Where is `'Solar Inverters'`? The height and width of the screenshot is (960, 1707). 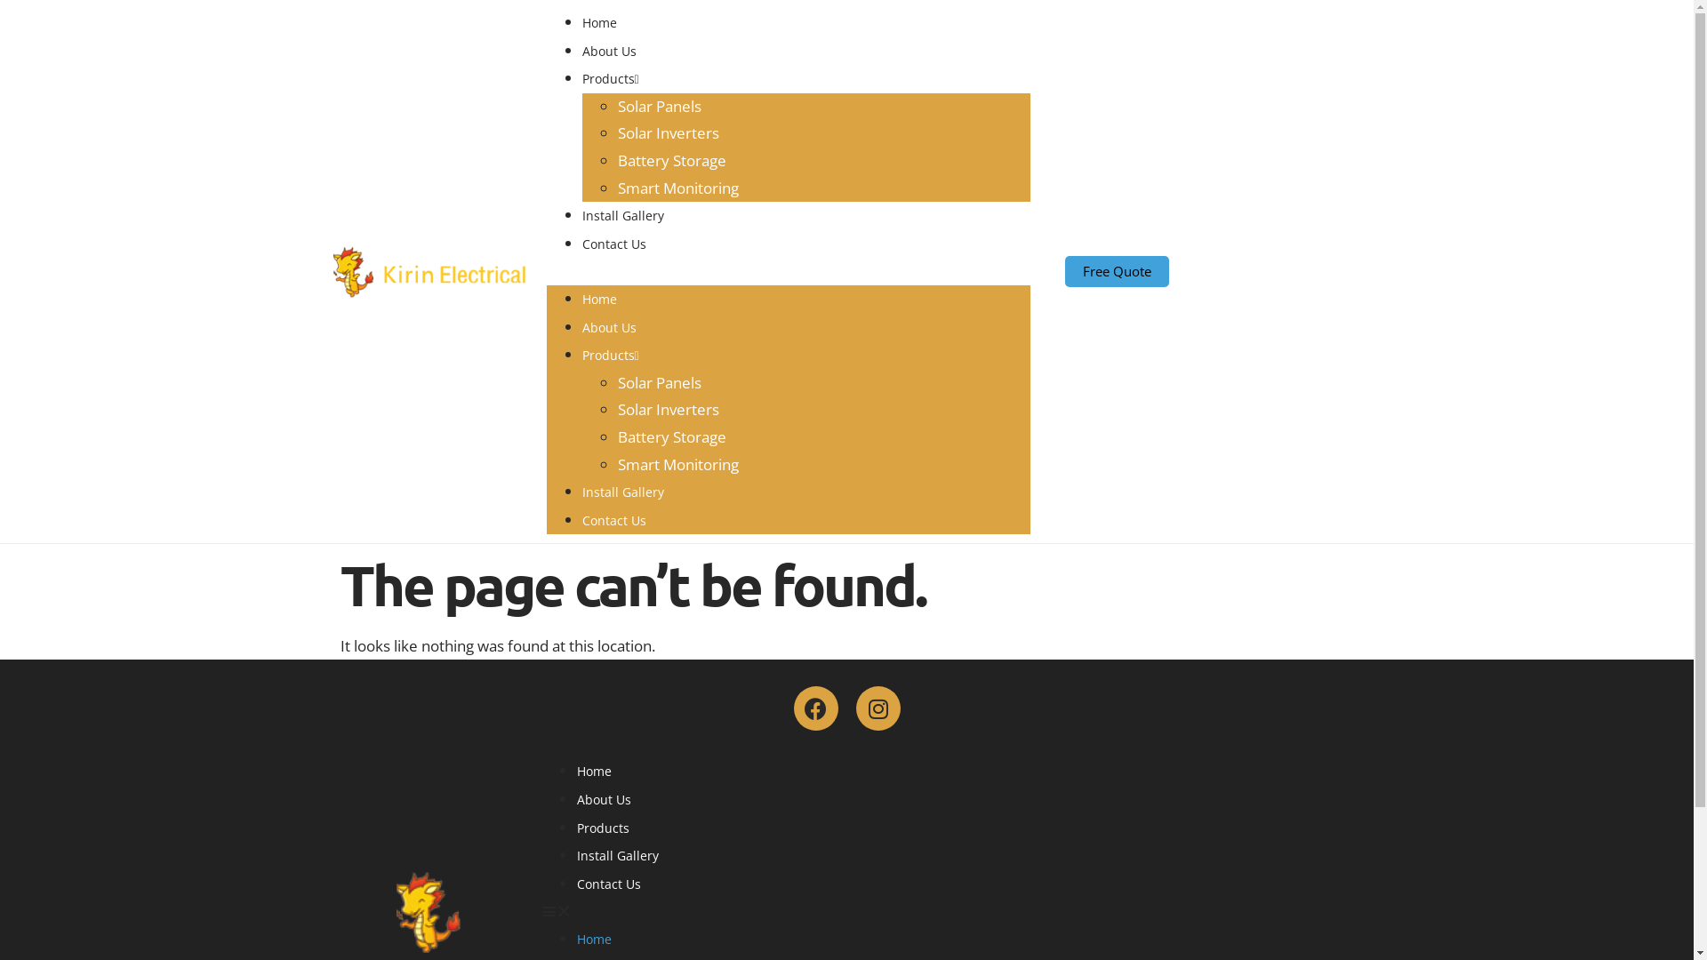
'Solar Inverters' is located at coordinates (617, 409).